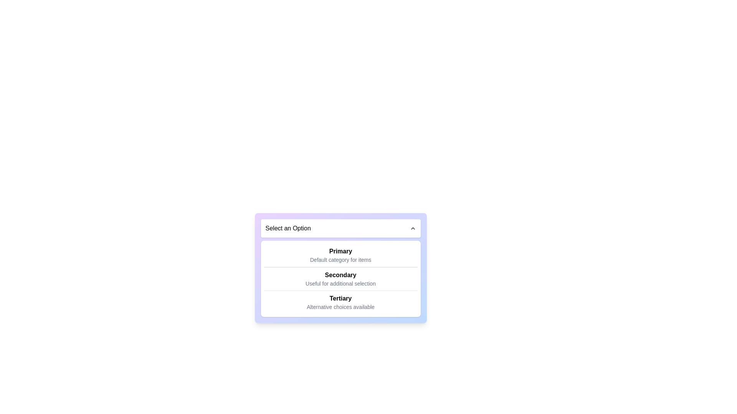  Describe the element at coordinates (340, 298) in the screenshot. I see `the 'Tertiary' text label in the dropdown menu` at that location.